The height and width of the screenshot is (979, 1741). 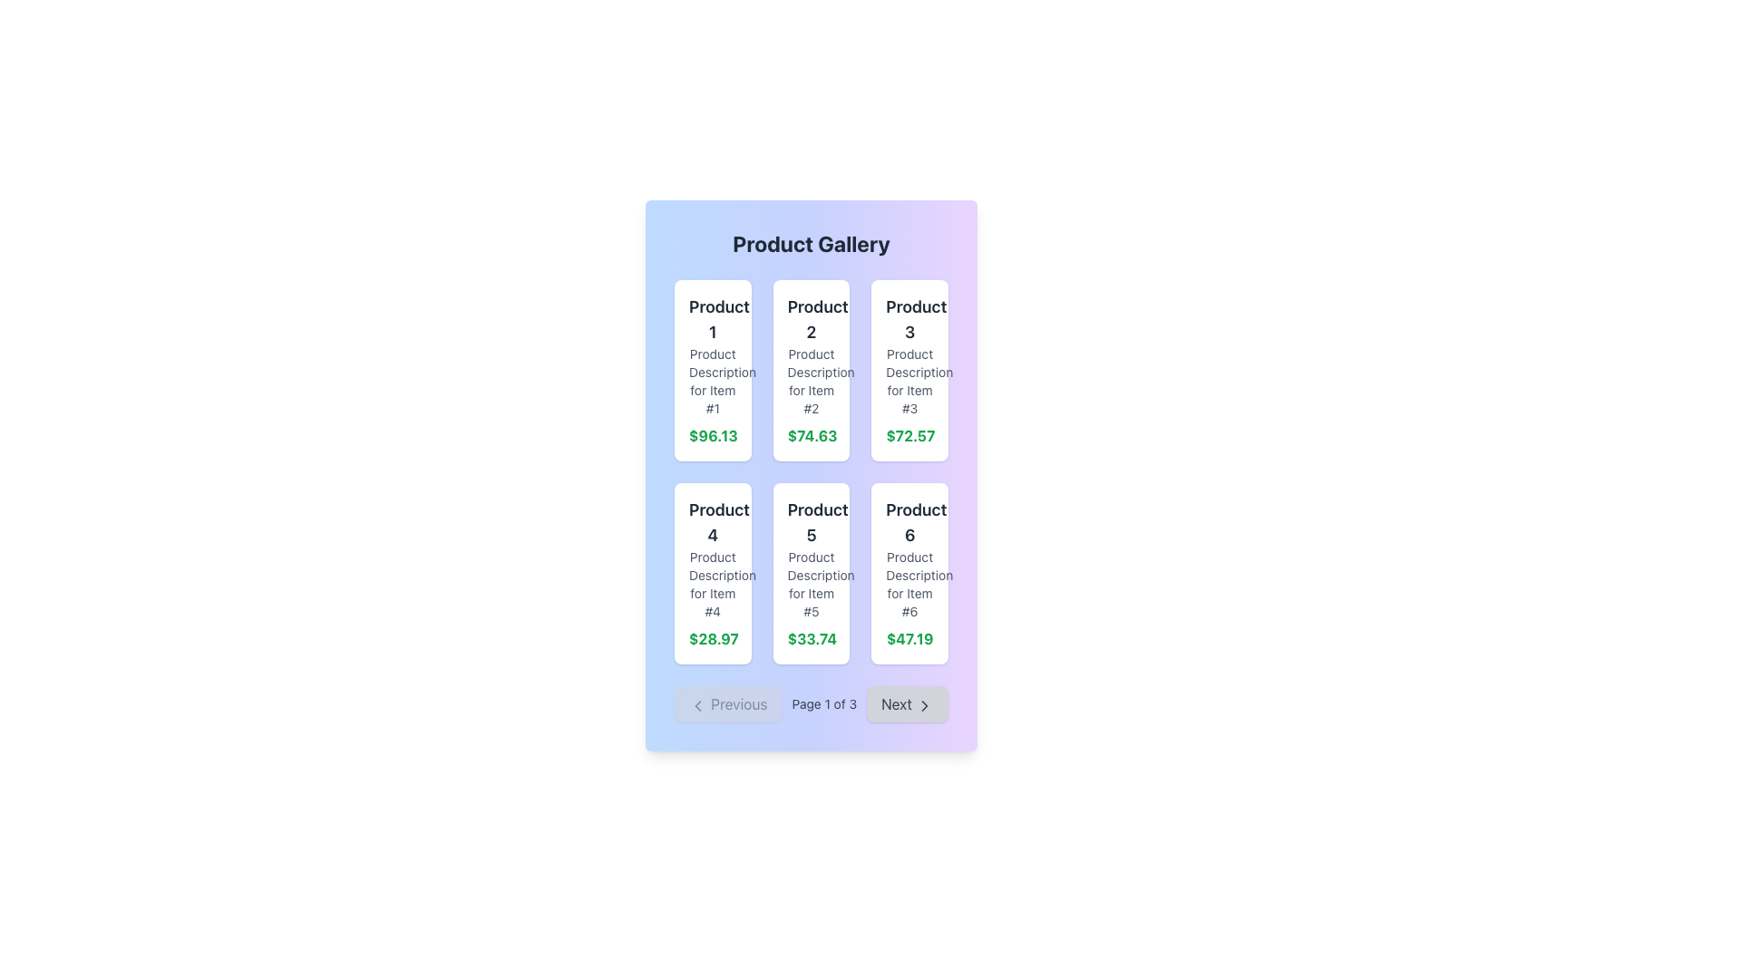 What do you see at coordinates (924, 704) in the screenshot?
I see `the chevron icon located at the bottom-right area of the 'Next' button` at bounding box center [924, 704].